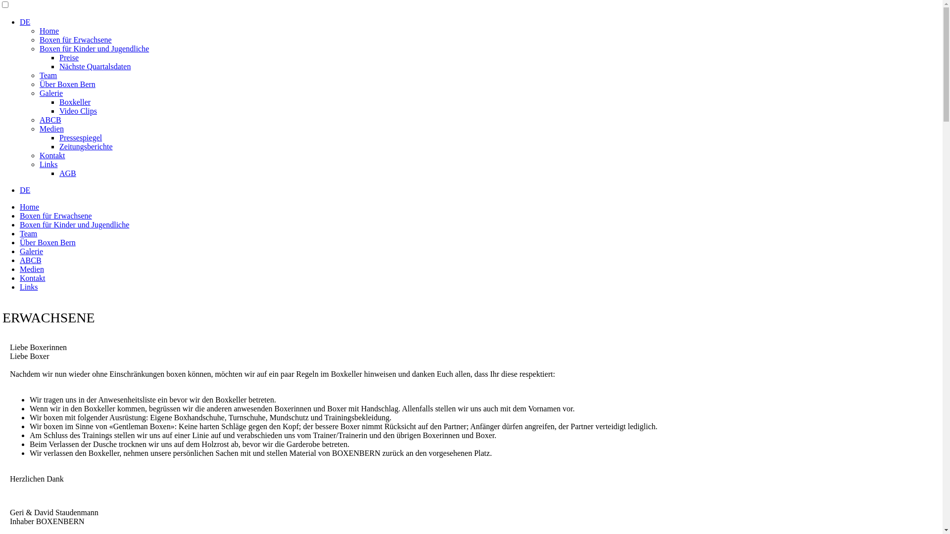 Image resolution: width=950 pixels, height=534 pixels. What do you see at coordinates (78, 111) in the screenshot?
I see `'Video Clips'` at bounding box center [78, 111].